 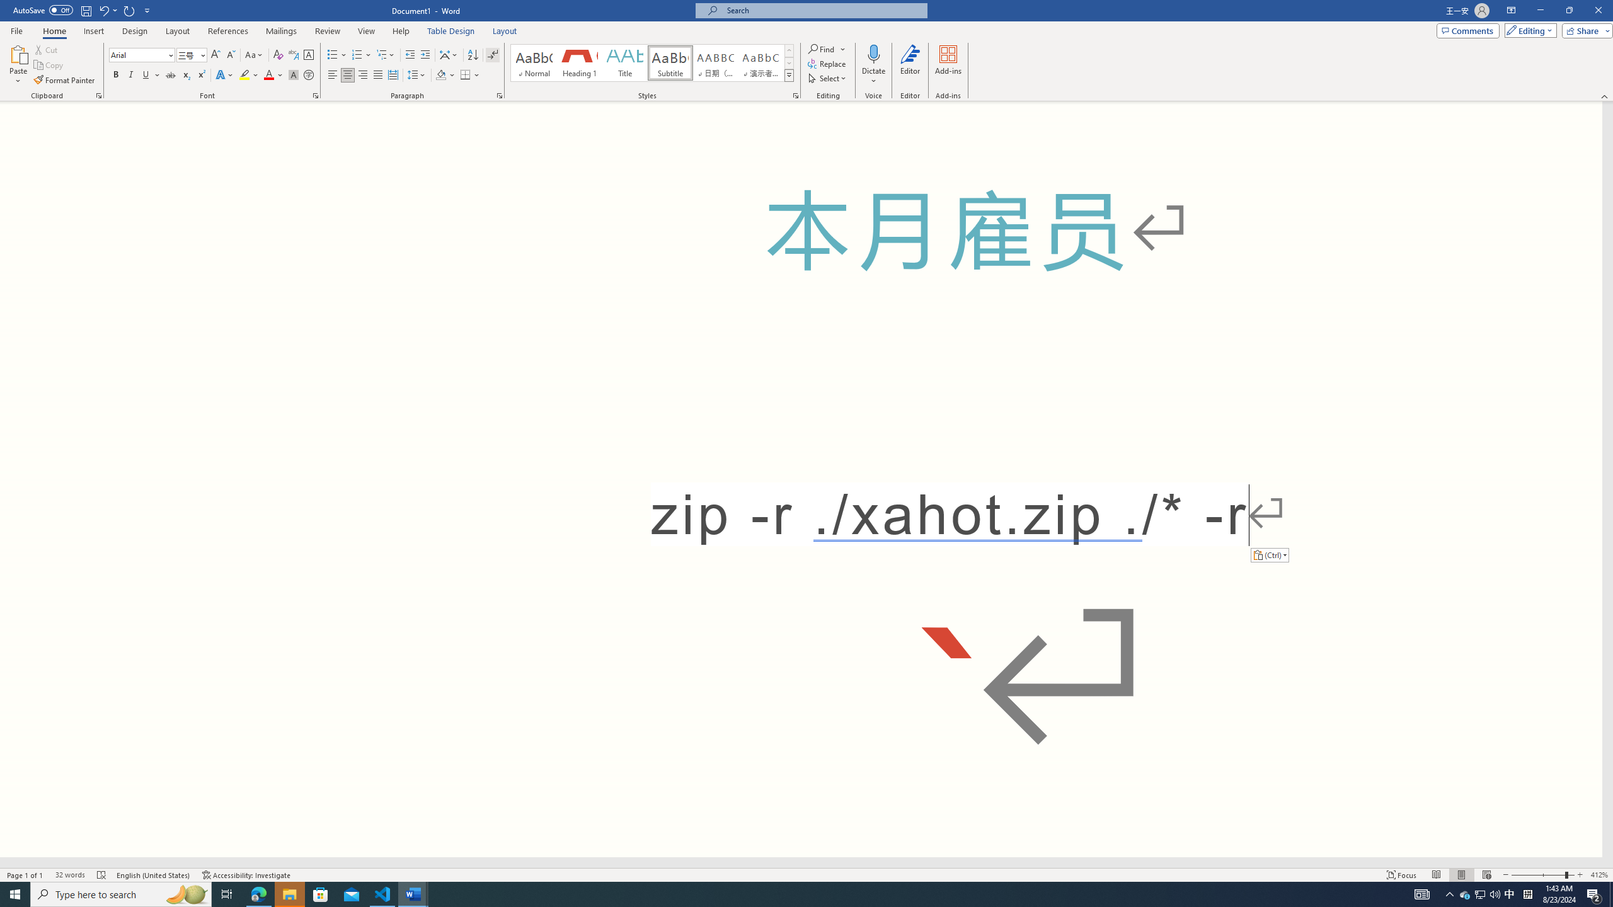 I want to click on 'Word Count 32 words', so click(x=69, y=875).